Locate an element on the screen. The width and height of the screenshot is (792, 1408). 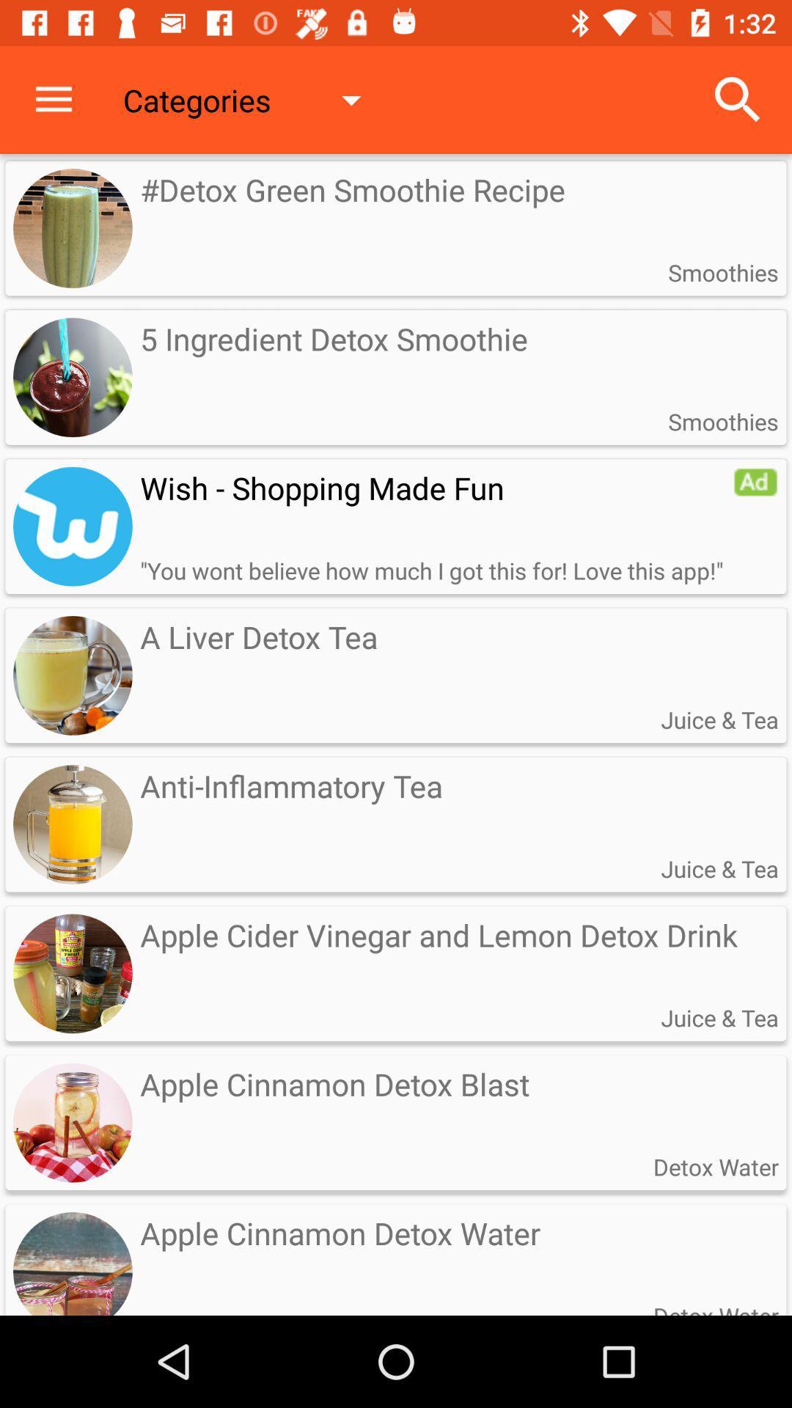
the icon next to the wish shopping made icon is located at coordinates (755, 482).